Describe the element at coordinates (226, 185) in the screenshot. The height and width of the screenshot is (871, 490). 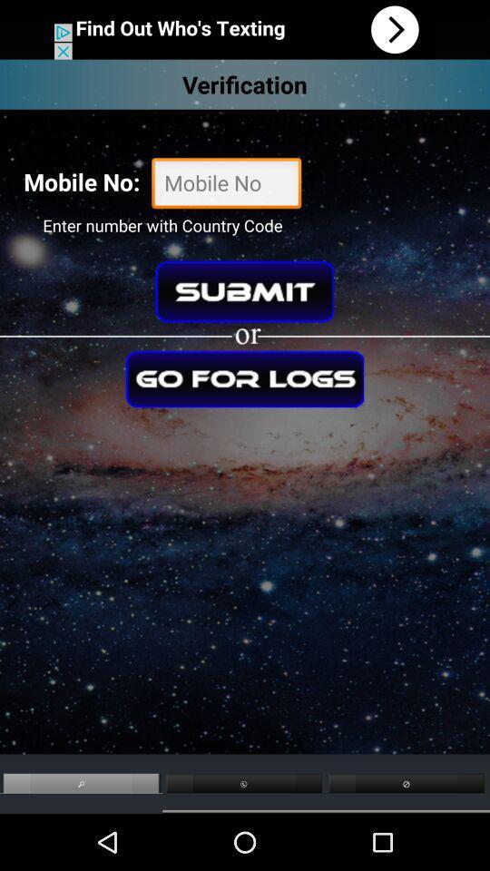
I see `input number` at that location.